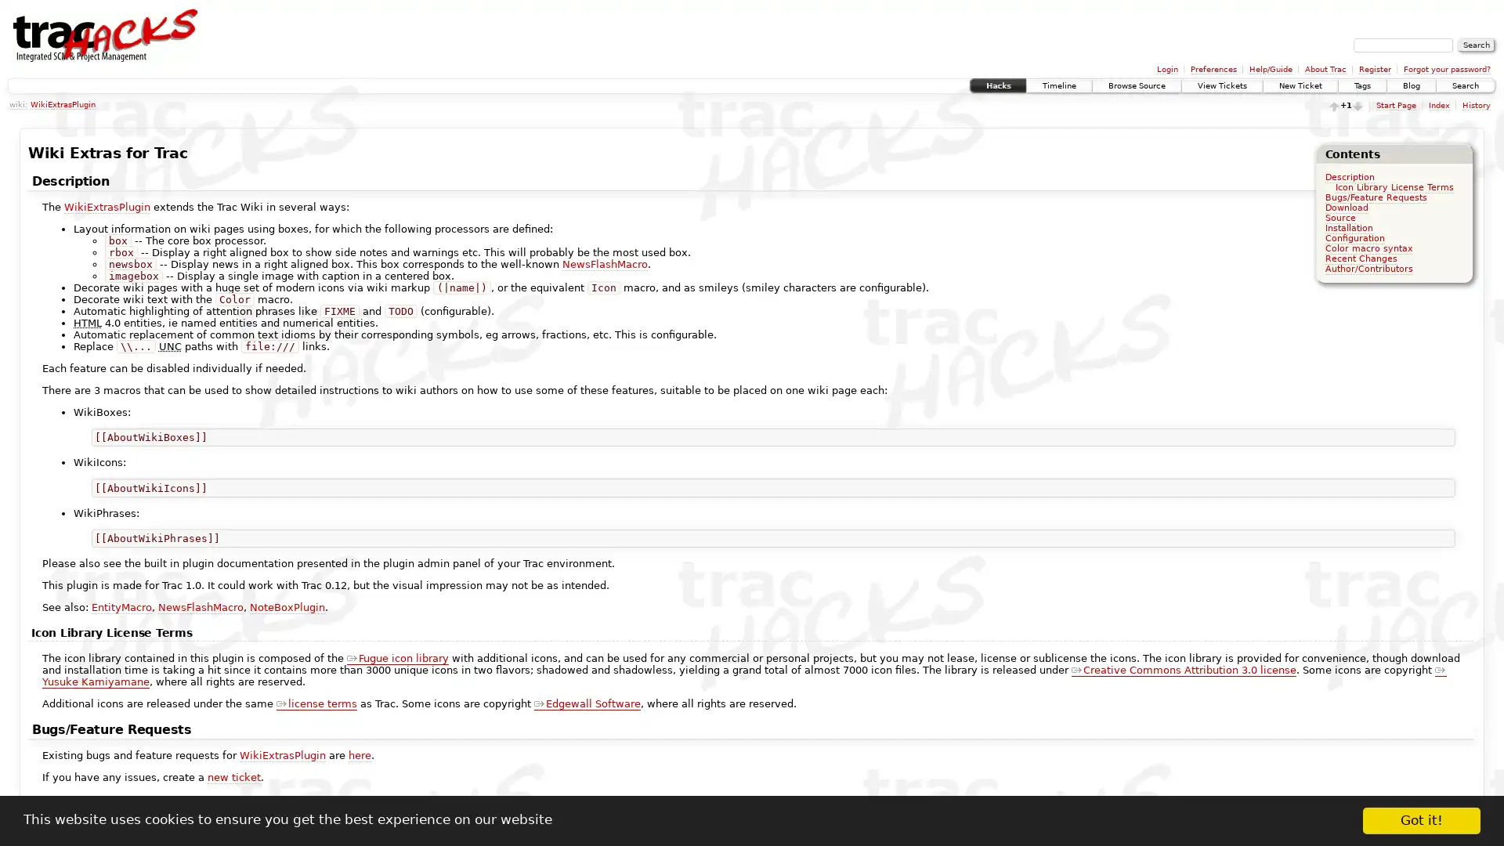 The image size is (1504, 846). I want to click on Search, so click(1476, 44).